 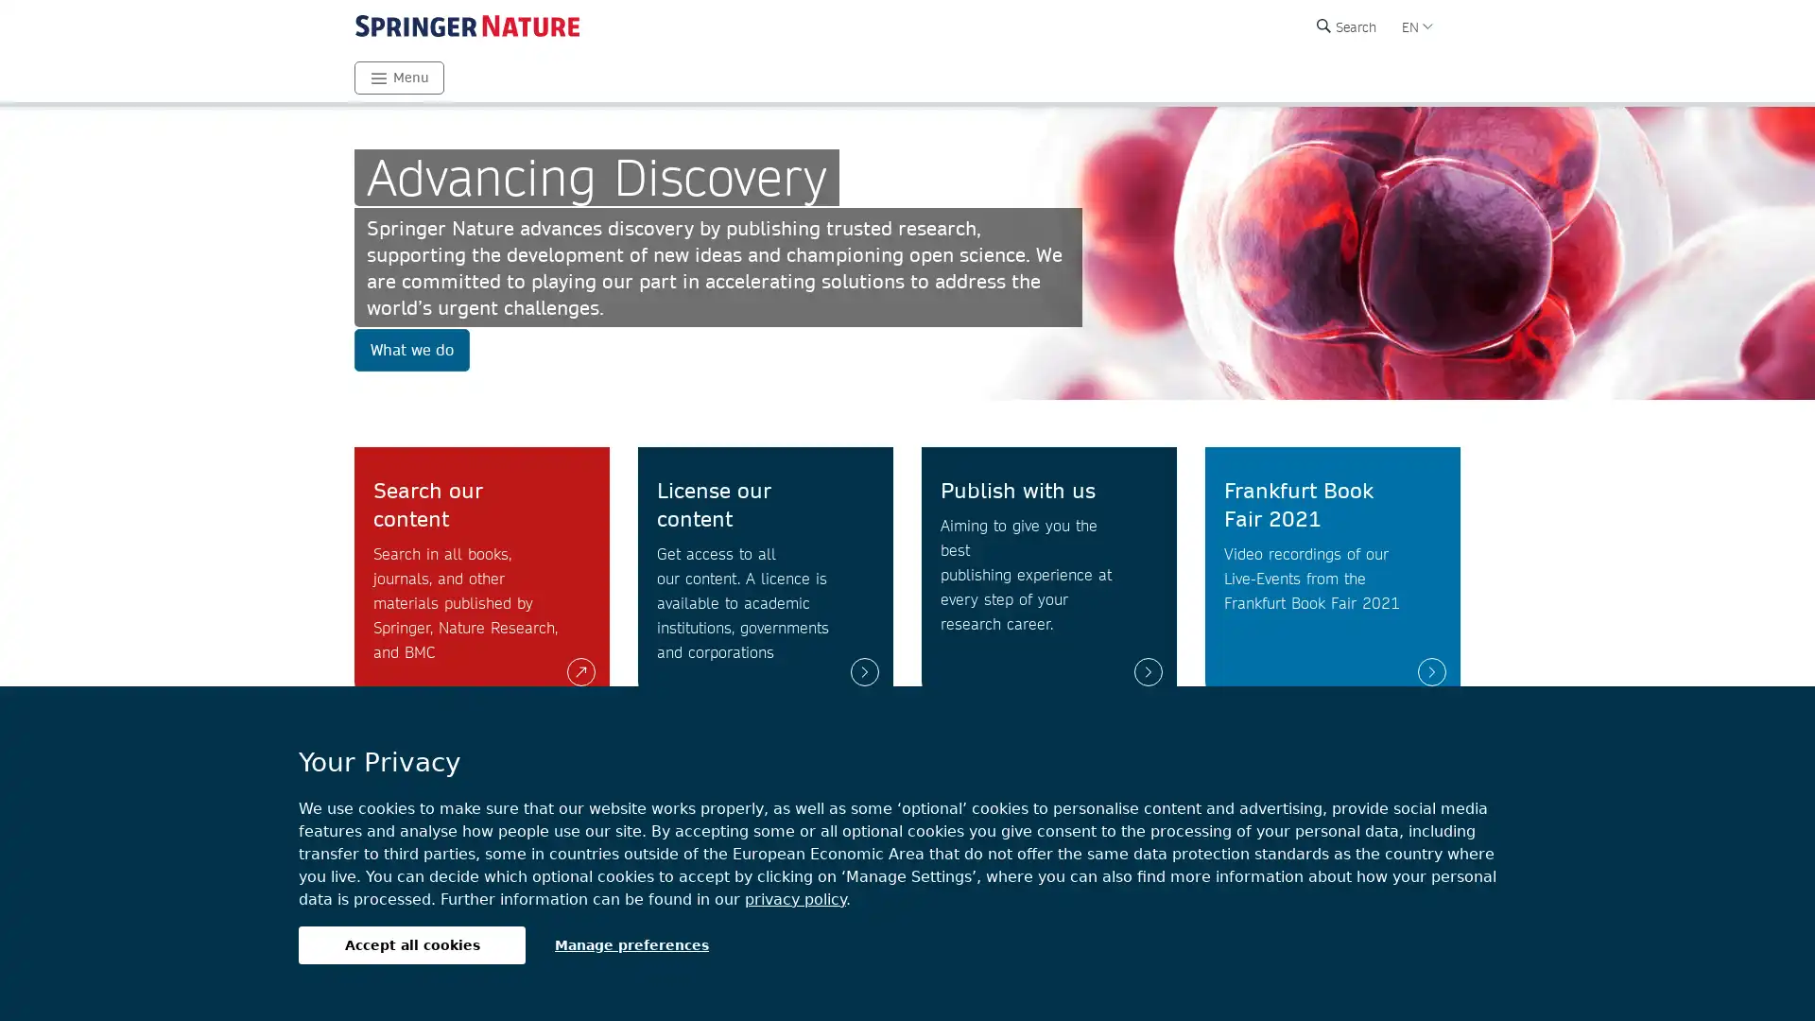 What do you see at coordinates (411, 944) in the screenshot?
I see `Accept all cookies` at bounding box center [411, 944].